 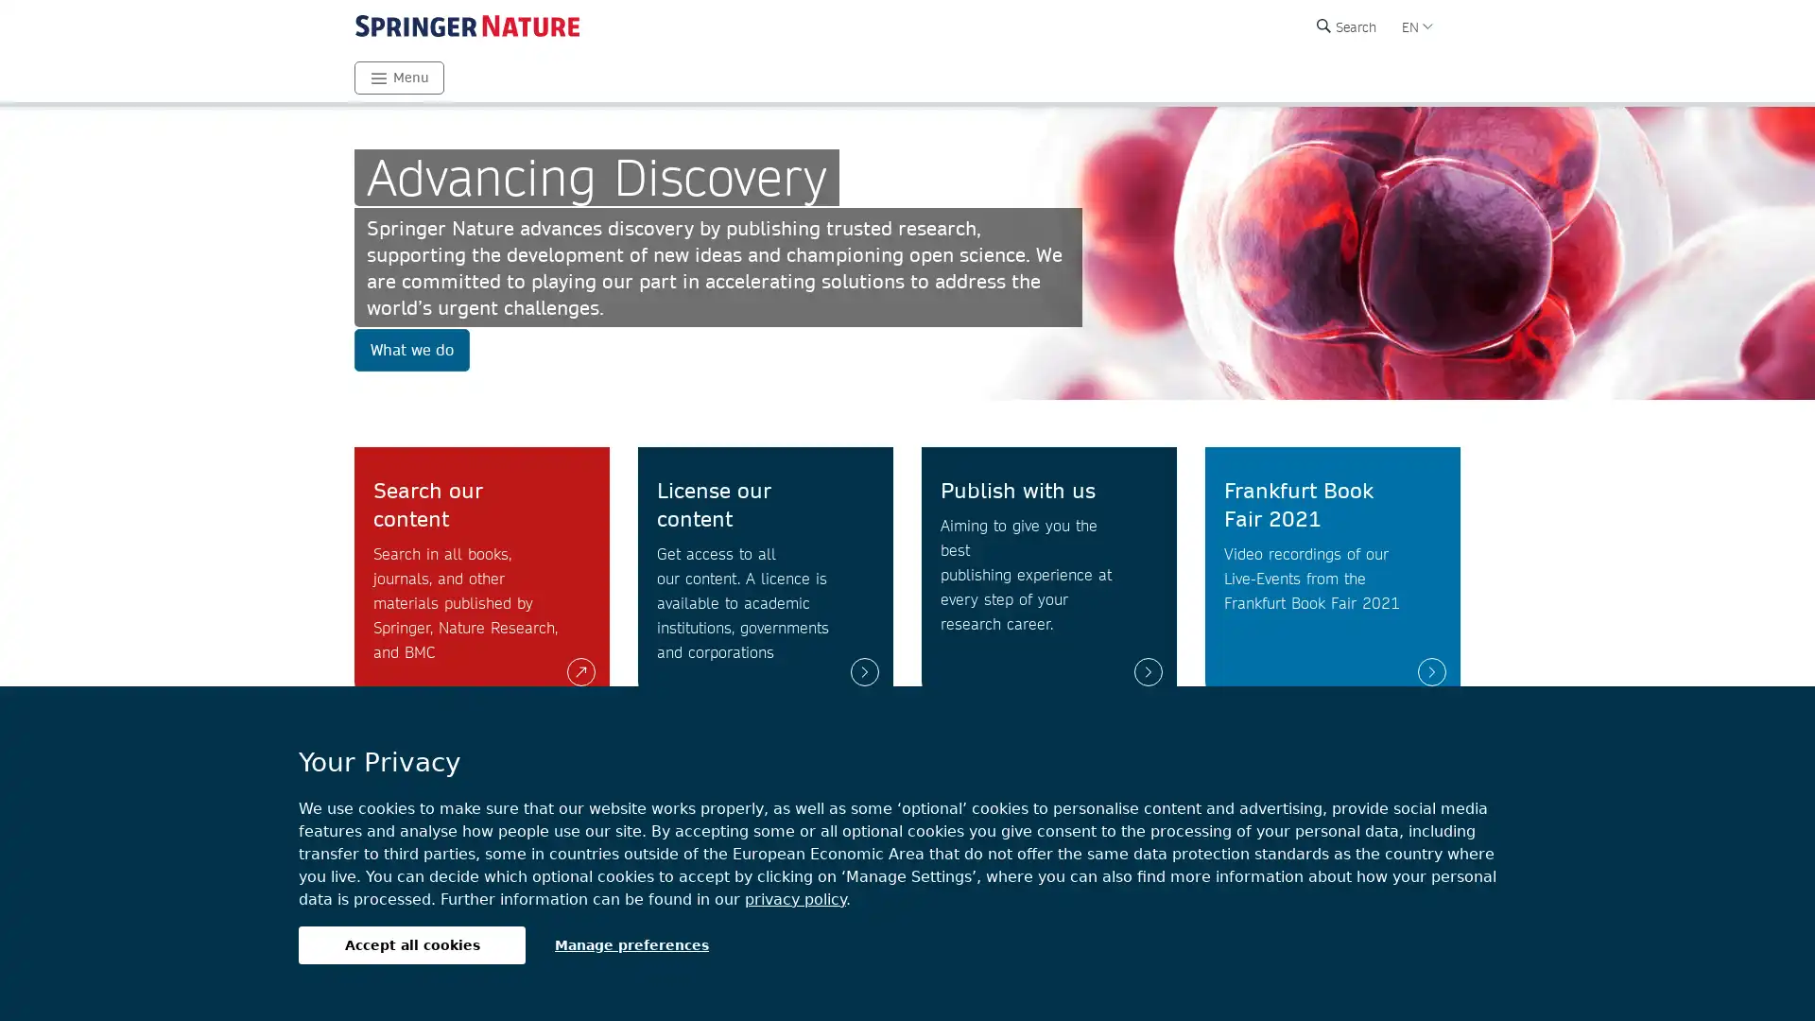 What do you see at coordinates (411, 944) in the screenshot?
I see `Accept all cookies` at bounding box center [411, 944].